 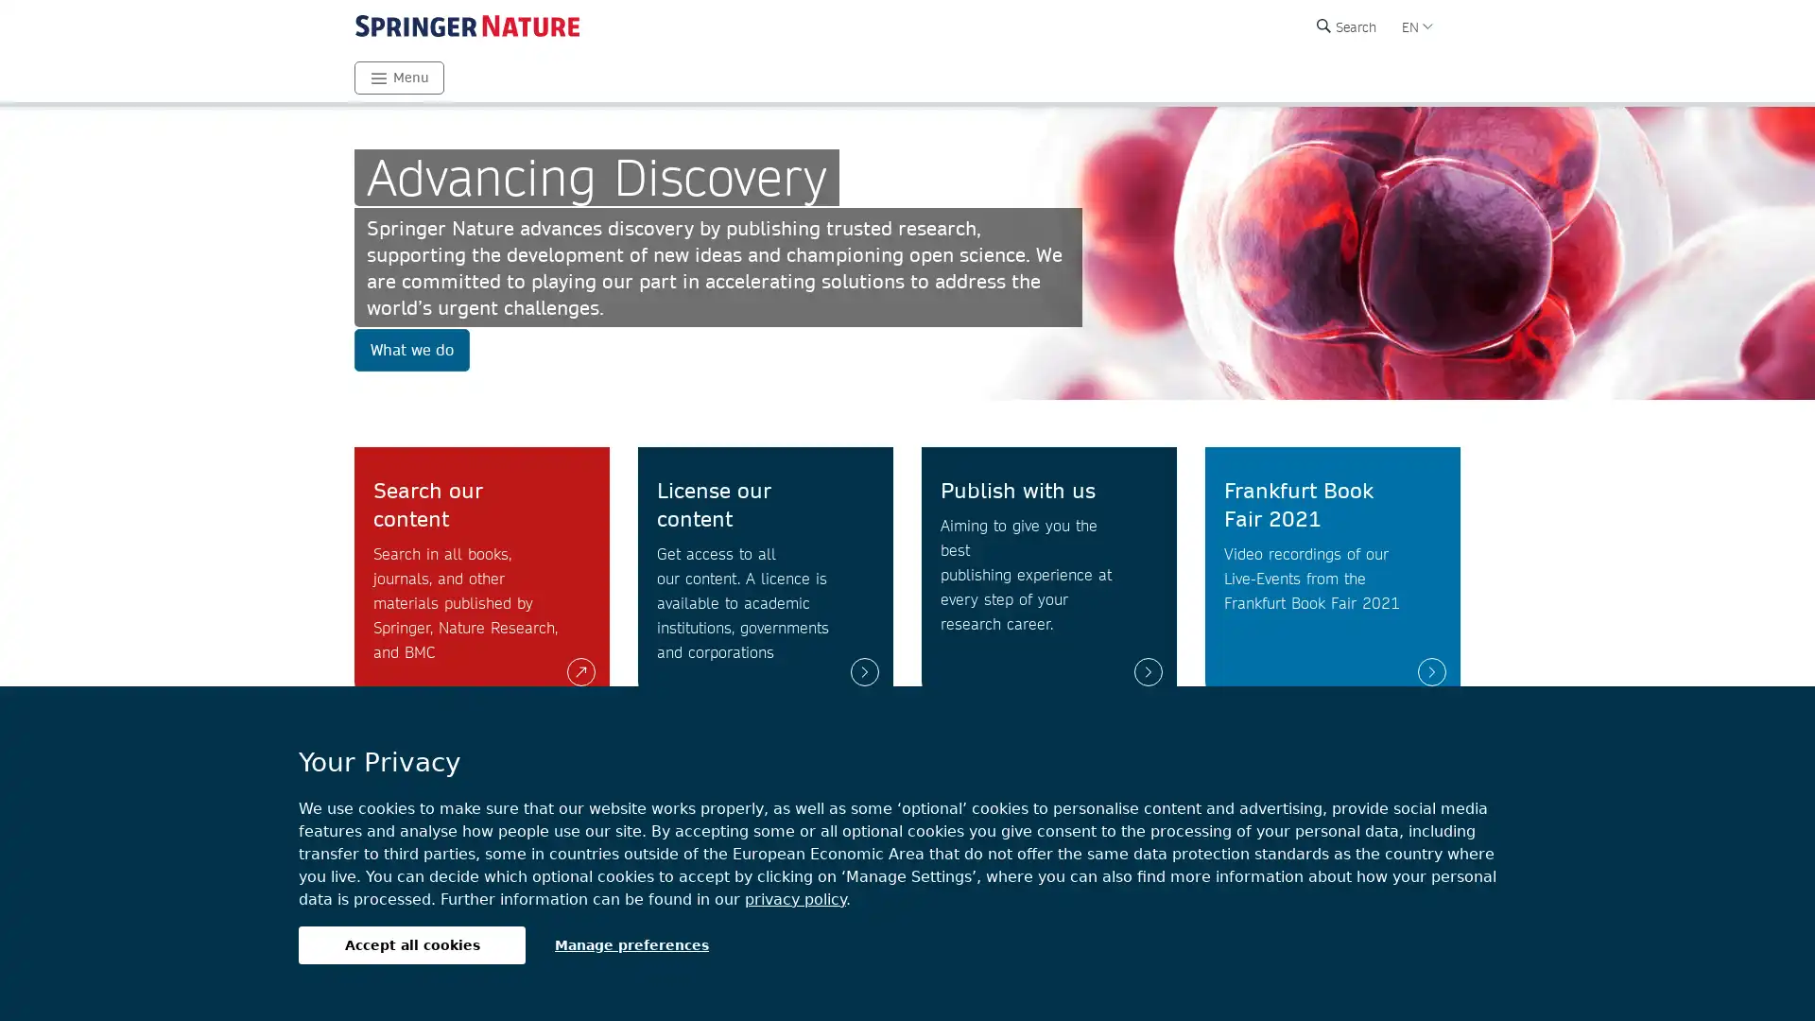 What do you see at coordinates (411, 944) in the screenshot?
I see `Accept all cookies` at bounding box center [411, 944].